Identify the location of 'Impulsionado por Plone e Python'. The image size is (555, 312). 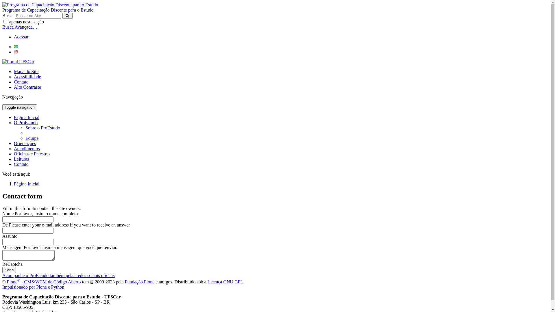
(33, 287).